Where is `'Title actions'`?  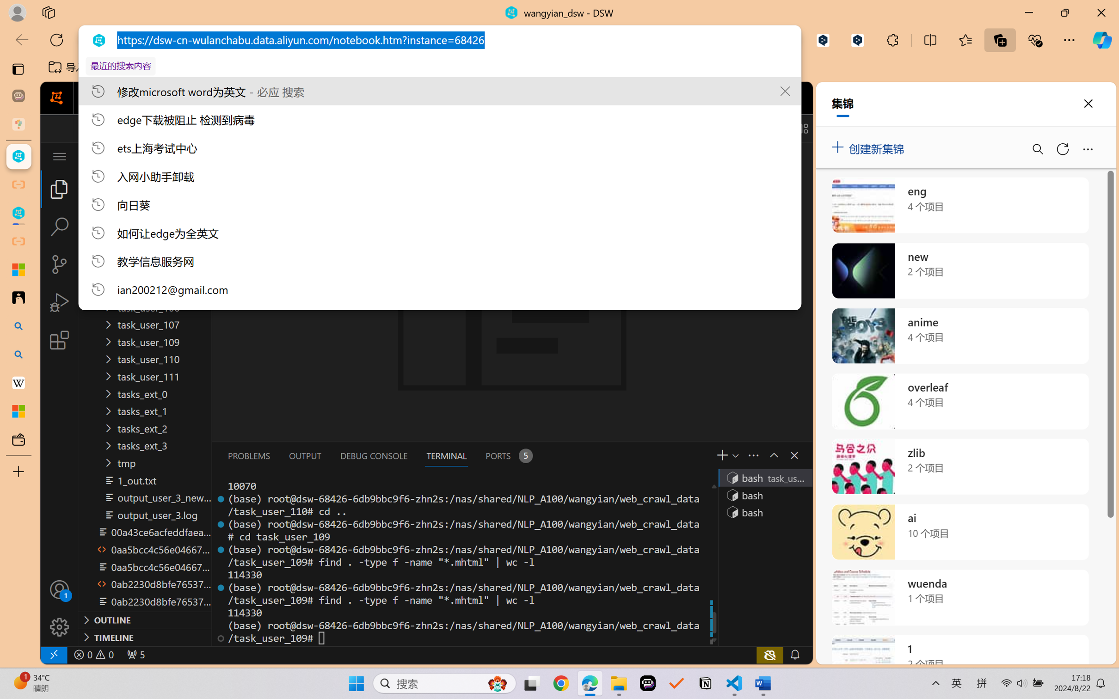
'Title actions' is located at coordinates (771, 128).